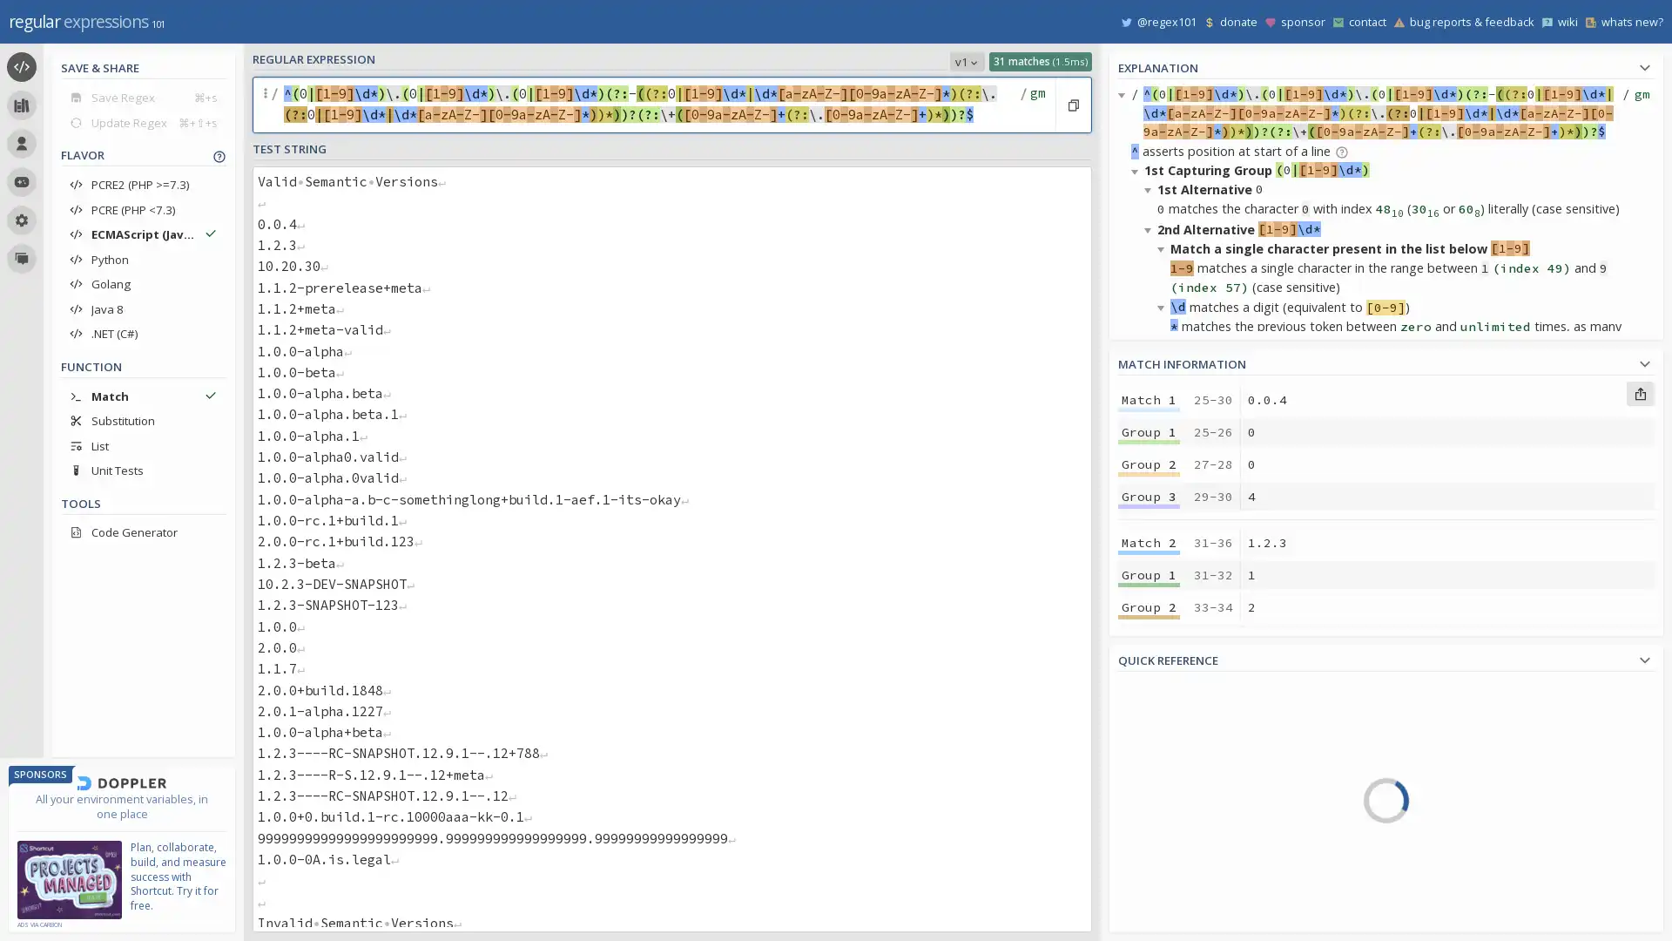 This screenshot has width=1672, height=941. What do you see at coordinates (143, 185) in the screenshot?
I see `PCRE2 (PHP >=7.3)` at bounding box center [143, 185].